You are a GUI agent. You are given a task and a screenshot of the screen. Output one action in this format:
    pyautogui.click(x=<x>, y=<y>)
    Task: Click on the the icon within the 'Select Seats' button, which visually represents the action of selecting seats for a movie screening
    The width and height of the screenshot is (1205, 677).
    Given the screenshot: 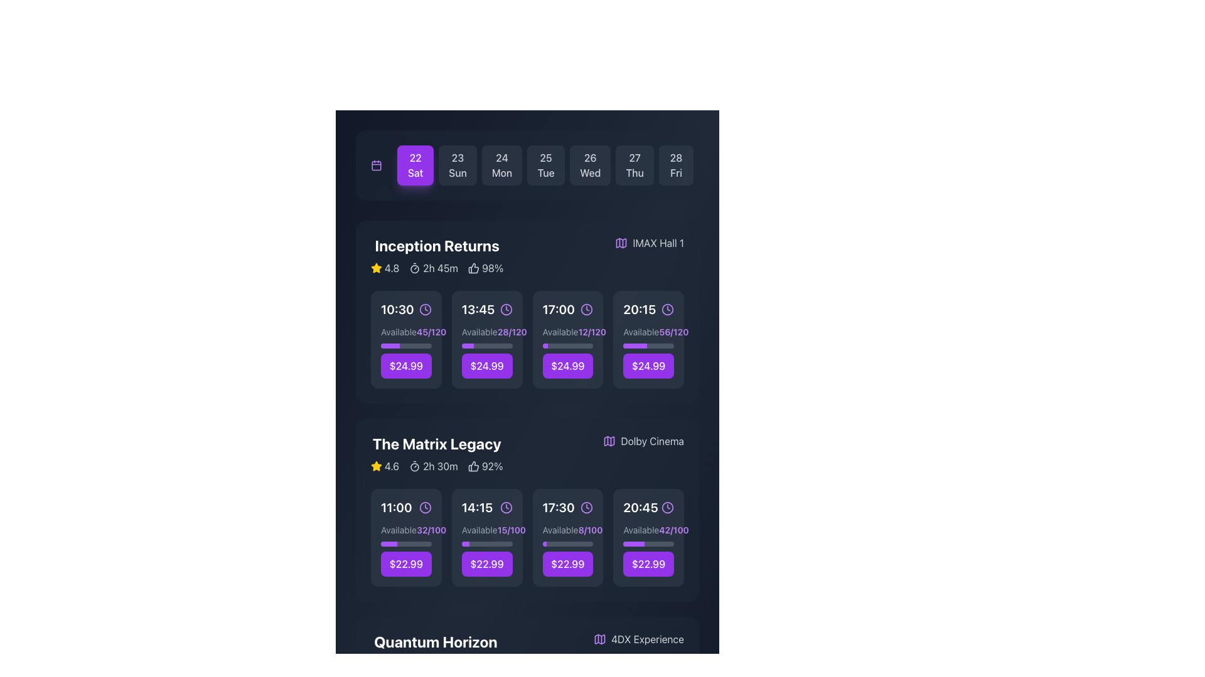 What is the action you would take?
    pyautogui.click(x=629, y=340)
    